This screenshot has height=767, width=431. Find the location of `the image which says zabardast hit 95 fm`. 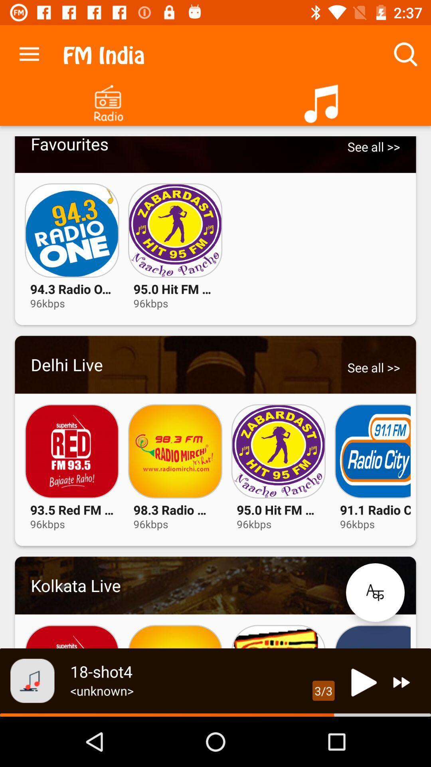

the image which says zabardast hit 95 fm is located at coordinates (278, 451).